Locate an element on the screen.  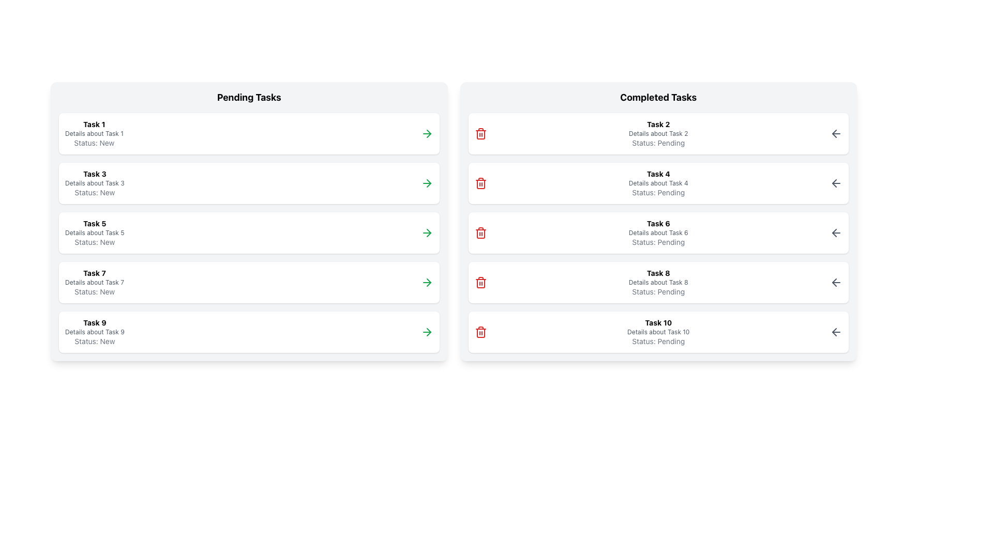
the 'Task 5' card in the 'Pending Tasks' section is located at coordinates (249, 221).